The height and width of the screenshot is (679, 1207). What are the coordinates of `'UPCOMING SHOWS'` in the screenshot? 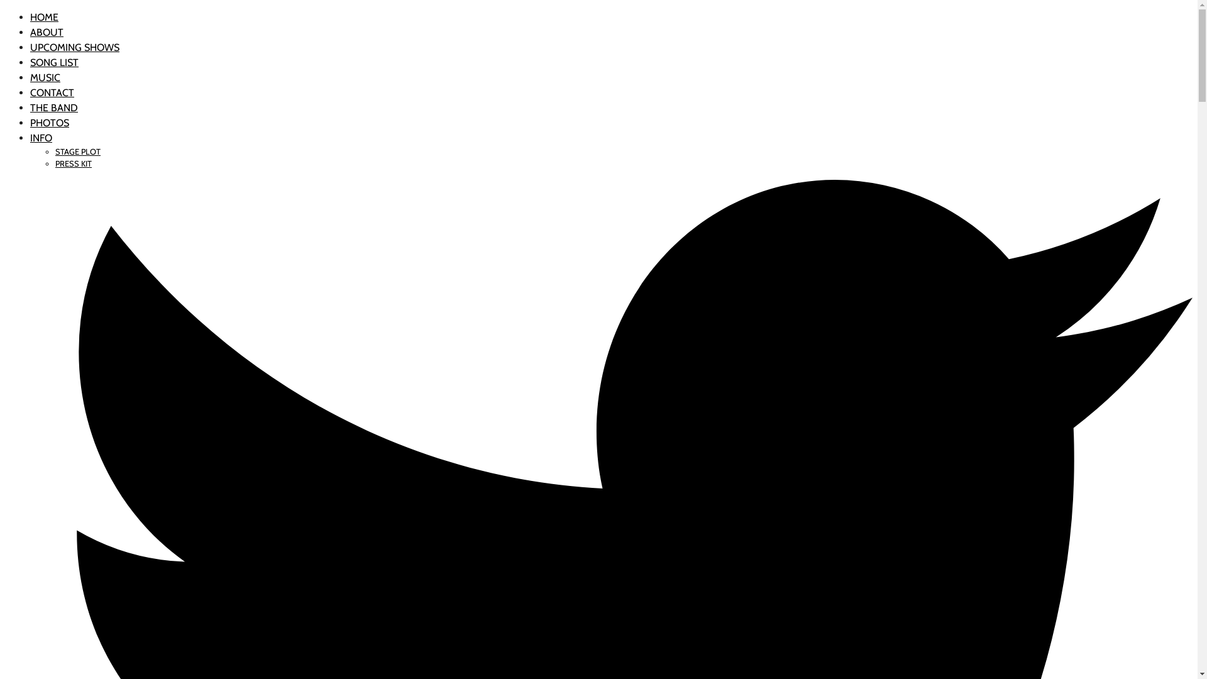 It's located at (74, 47).